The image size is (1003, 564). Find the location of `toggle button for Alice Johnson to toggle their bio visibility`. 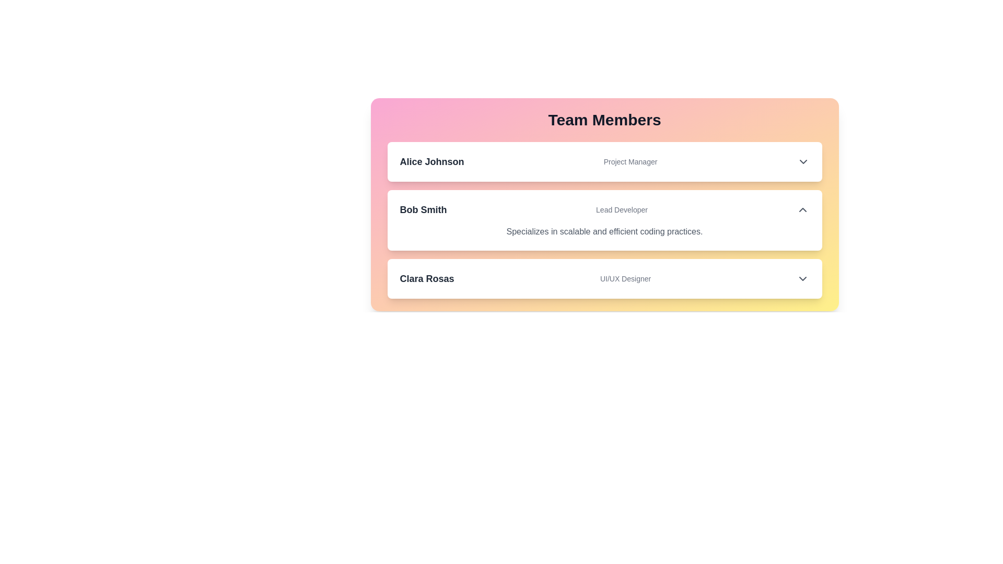

toggle button for Alice Johnson to toggle their bio visibility is located at coordinates (802, 161).